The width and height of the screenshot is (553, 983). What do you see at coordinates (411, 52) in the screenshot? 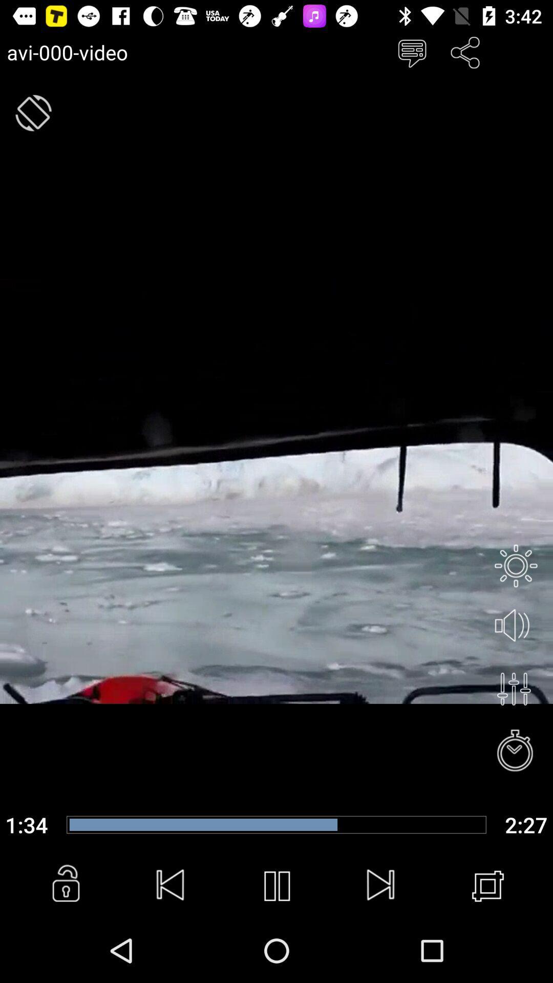
I see `the icon left to share on top` at bounding box center [411, 52].